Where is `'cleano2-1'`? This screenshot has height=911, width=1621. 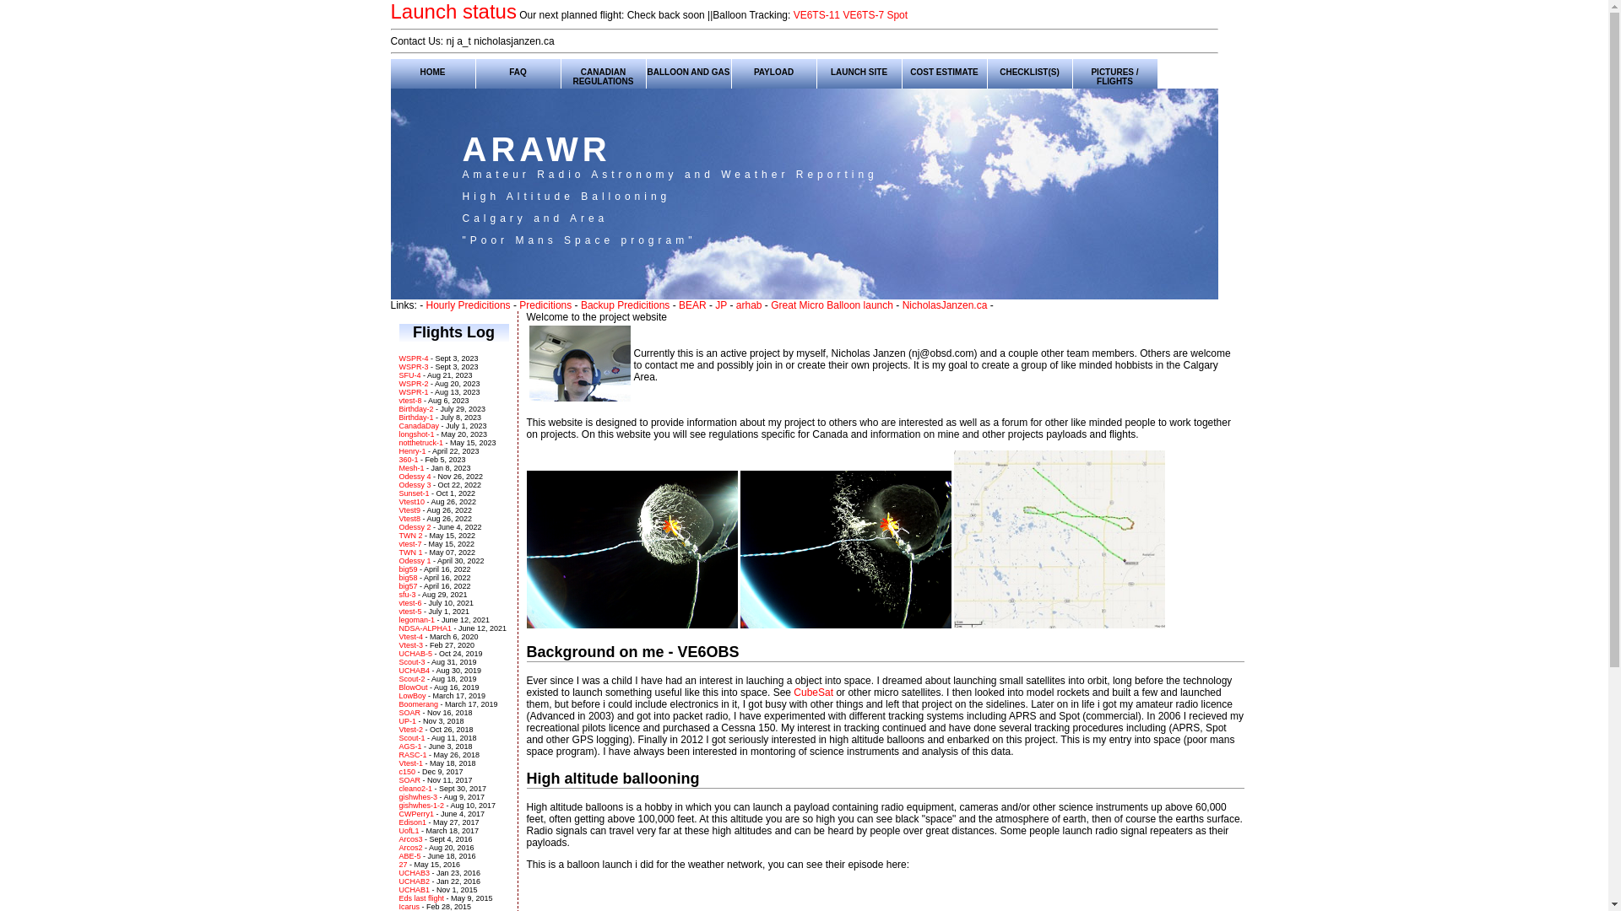
'cleano2-1' is located at coordinates (415, 788).